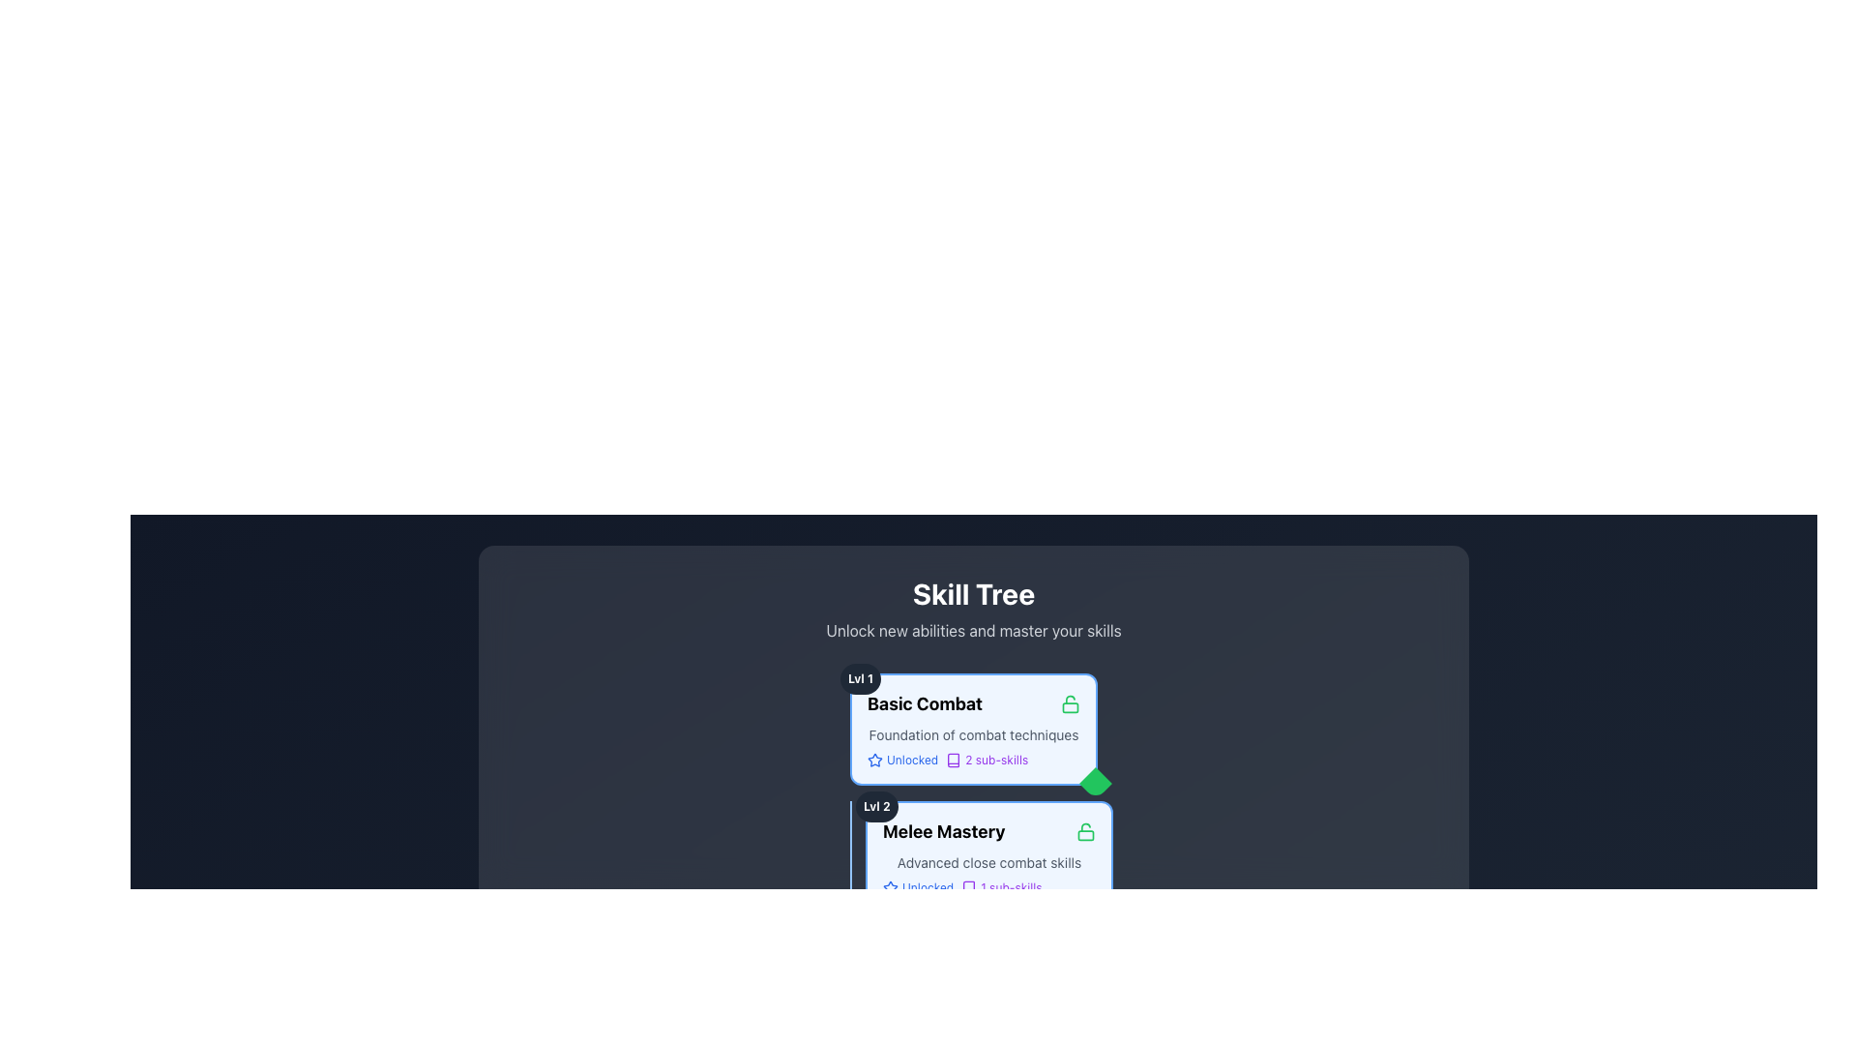  What do you see at coordinates (987, 760) in the screenshot?
I see `the text label '2 sub-skills' styled in purple with a book icon to its left, located beneath the 'Basic Combat' skill card, aligned with the 'Unlocked' text` at bounding box center [987, 760].